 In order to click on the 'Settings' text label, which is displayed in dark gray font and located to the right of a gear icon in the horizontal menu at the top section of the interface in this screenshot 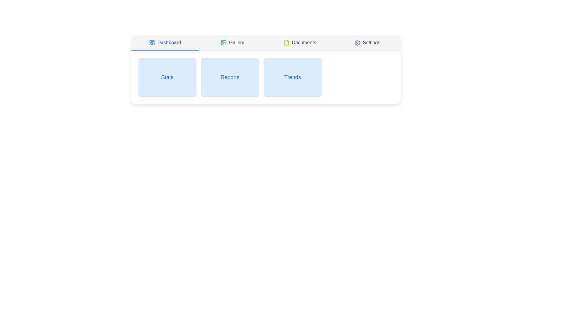, I will do `click(371, 42)`.